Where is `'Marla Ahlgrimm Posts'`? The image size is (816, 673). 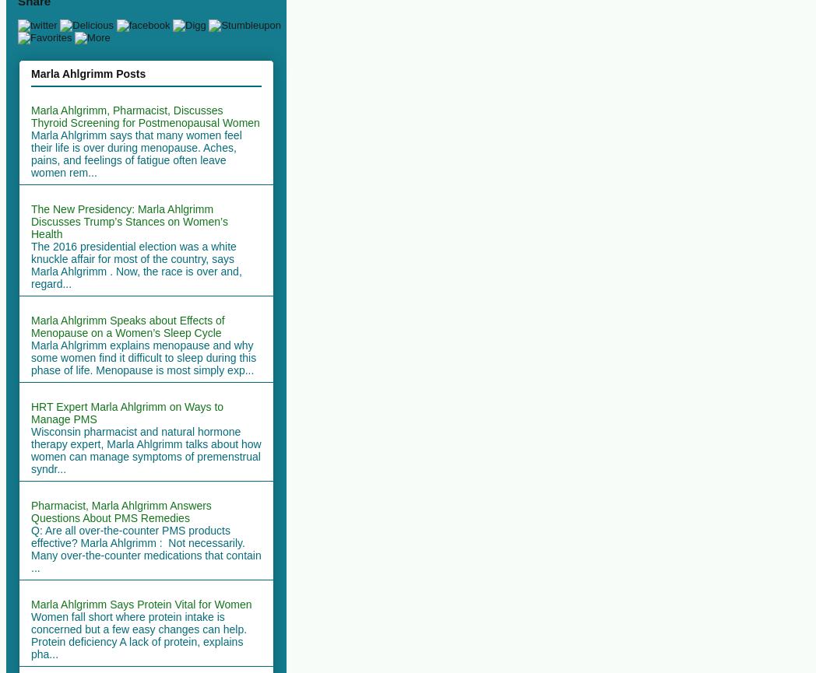
'Marla Ahlgrimm Posts' is located at coordinates (87, 73).